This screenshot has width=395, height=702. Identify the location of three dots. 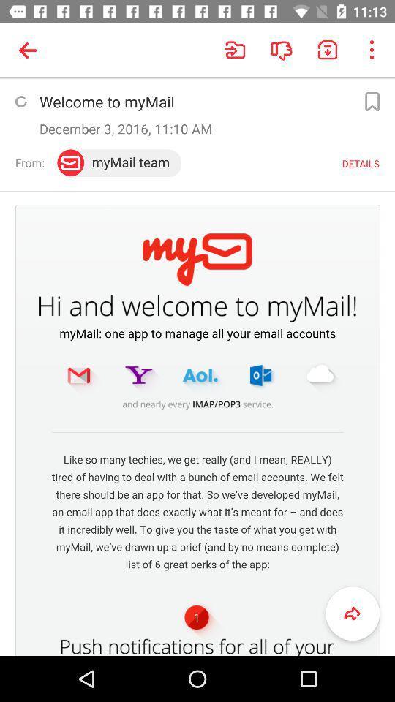
(371, 50).